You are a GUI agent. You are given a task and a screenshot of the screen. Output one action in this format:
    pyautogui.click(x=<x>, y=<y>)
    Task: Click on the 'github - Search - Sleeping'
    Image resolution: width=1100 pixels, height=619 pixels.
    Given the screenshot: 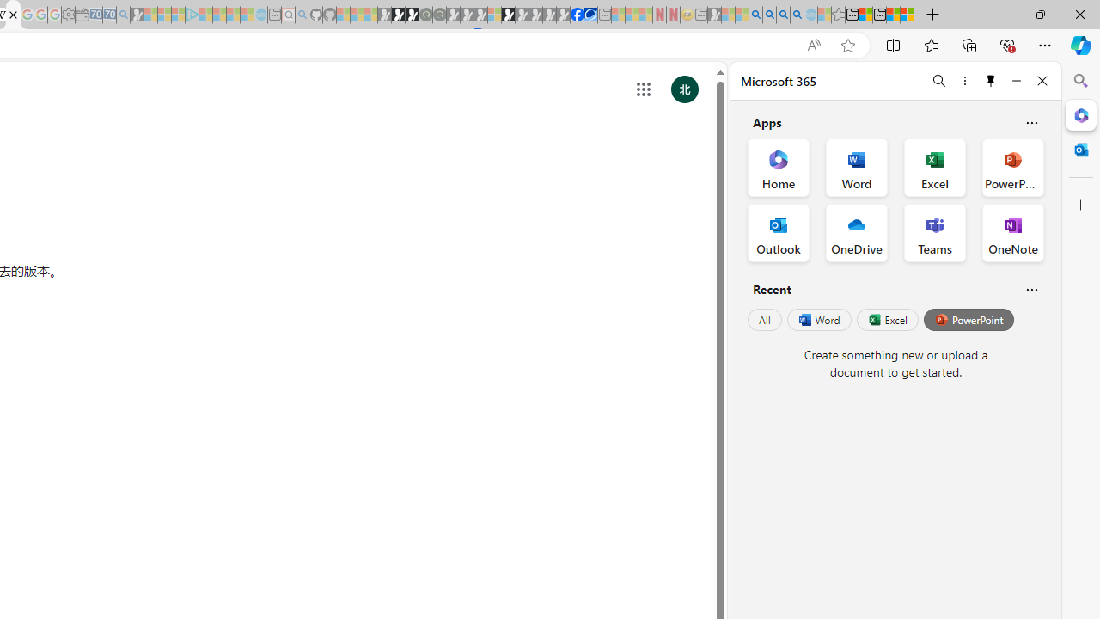 What is the action you would take?
    pyautogui.click(x=302, y=15)
    